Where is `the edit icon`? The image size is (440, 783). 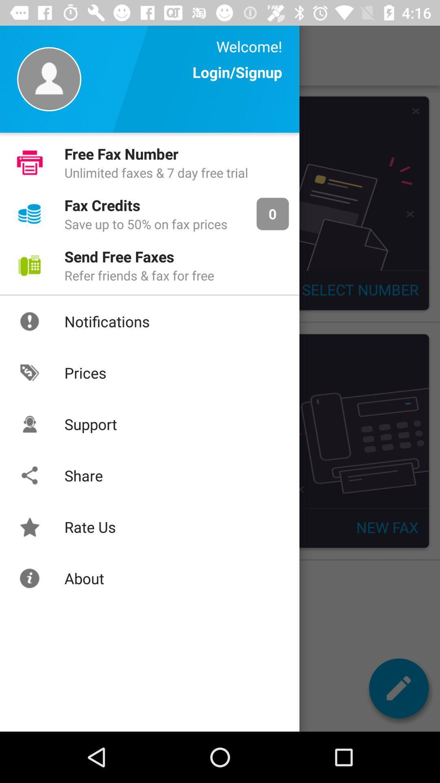
the edit icon is located at coordinates (398, 688).